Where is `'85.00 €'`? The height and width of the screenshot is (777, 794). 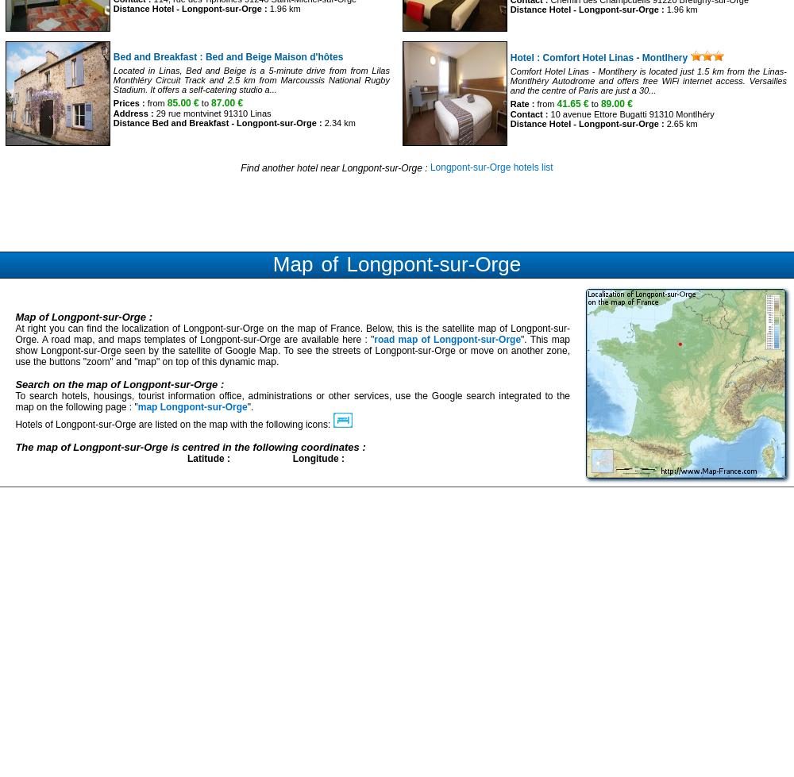
'85.00 €' is located at coordinates (182, 102).